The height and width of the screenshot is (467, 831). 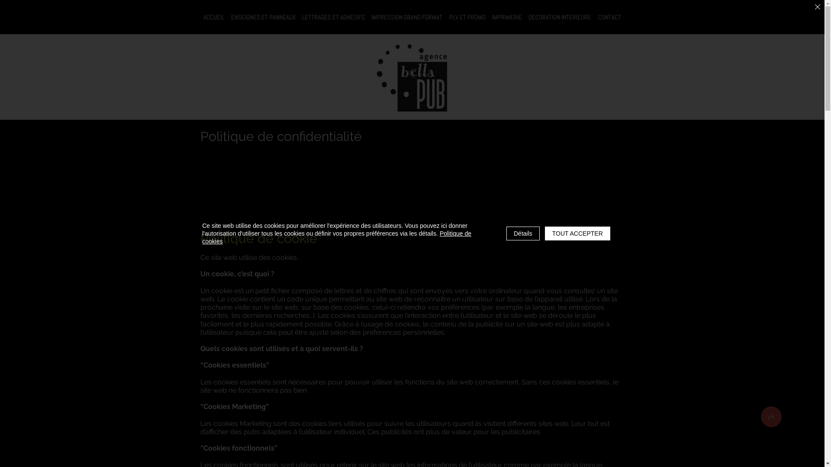 What do you see at coordinates (213, 16) in the screenshot?
I see `'ACCUEIL'` at bounding box center [213, 16].